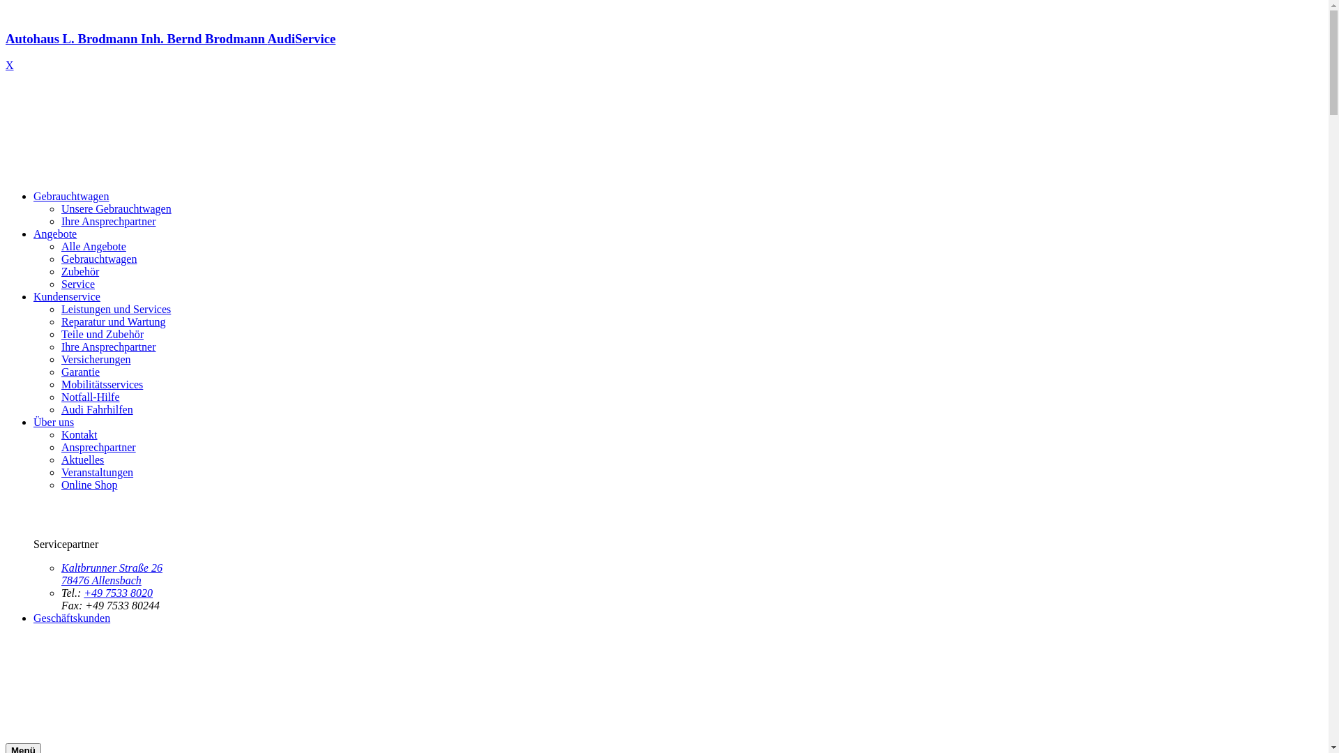 The image size is (1339, 753). What do you see at coordinates (93, 245) in the screenshot?
I see `'Alle Angebote'` at bounding box center [93, 245].